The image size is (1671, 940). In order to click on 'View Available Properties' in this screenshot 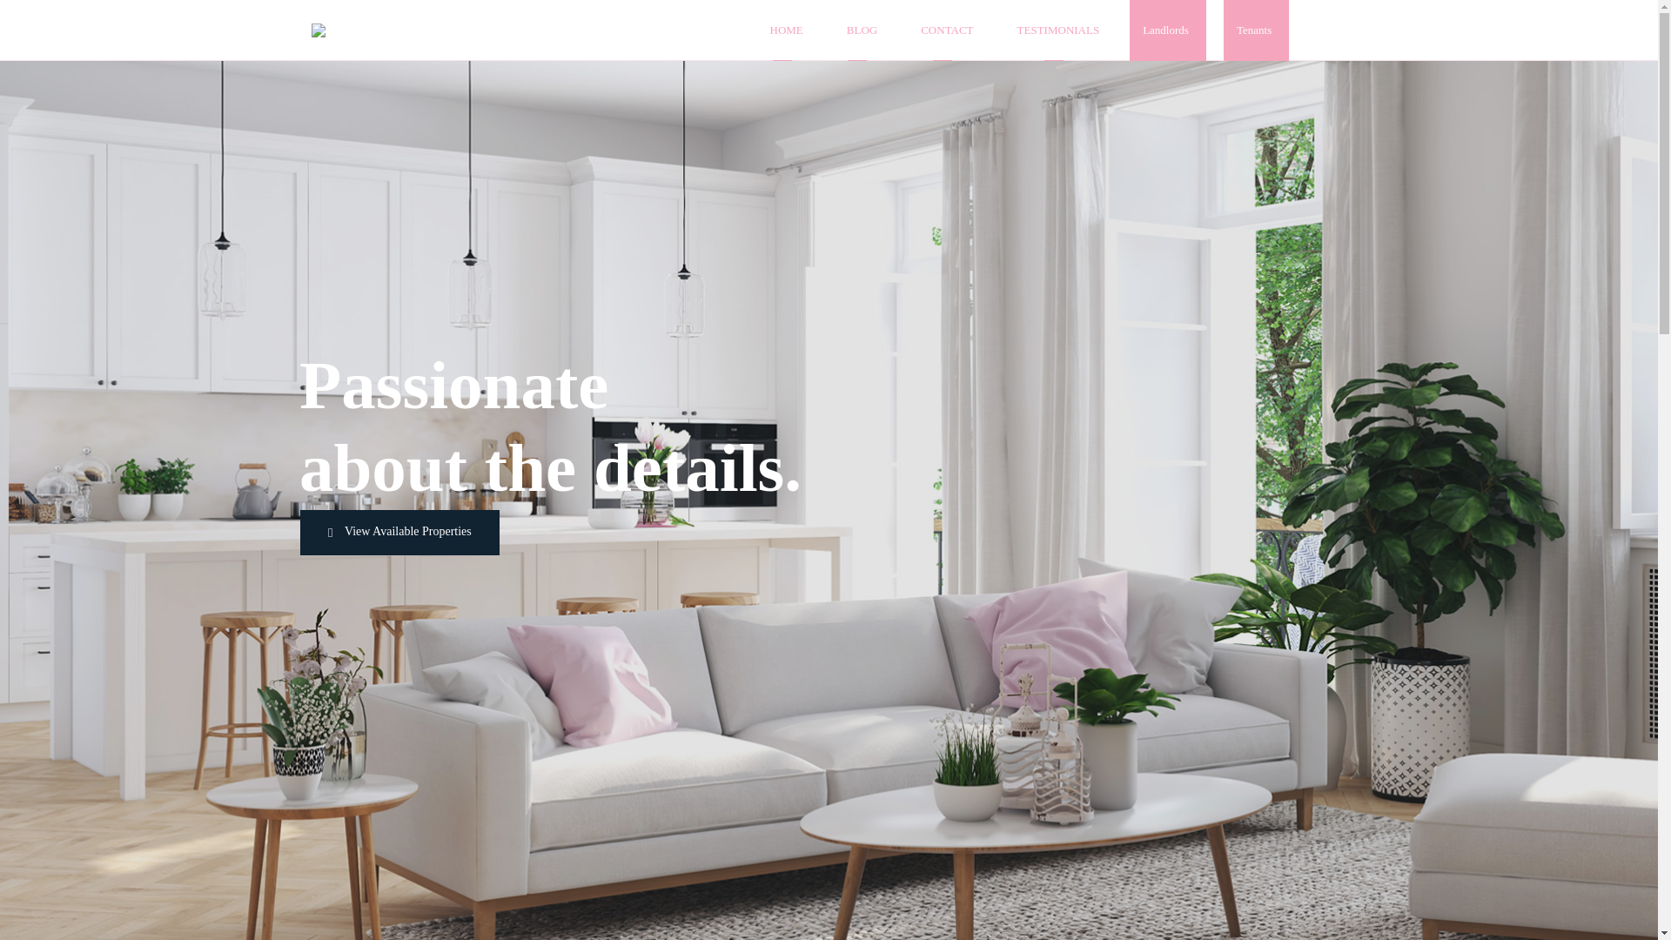, I will do `click(399, 532)`.